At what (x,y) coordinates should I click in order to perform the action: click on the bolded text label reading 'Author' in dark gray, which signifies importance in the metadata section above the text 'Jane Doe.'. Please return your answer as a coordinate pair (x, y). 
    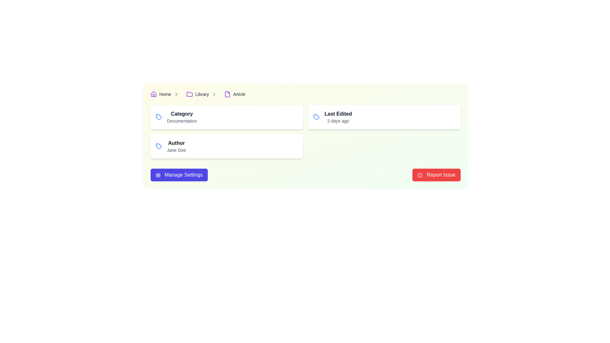
    Looking at the image, I should click on (176, 143).